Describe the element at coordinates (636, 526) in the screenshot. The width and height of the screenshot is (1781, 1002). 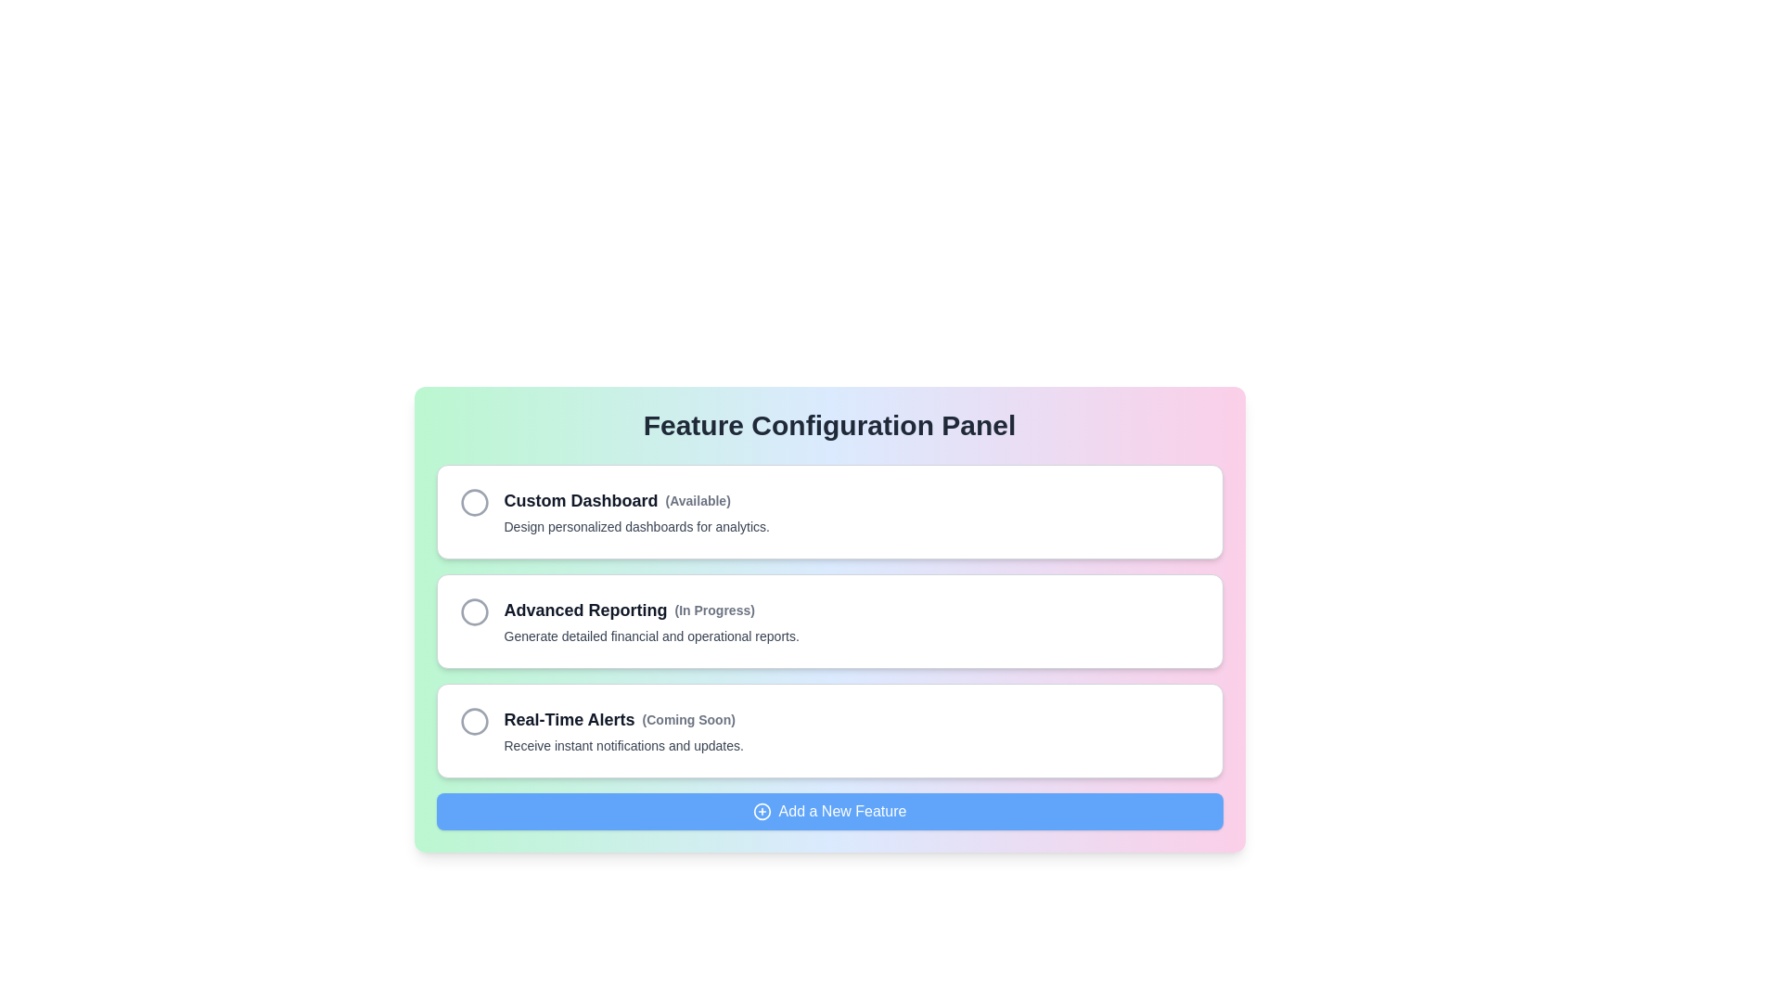
I see `the text description located under the heading 'Custom Dashboard (Available)' in the Feature Configuration Panel, which is styled in gray and smaller font size` at that location.